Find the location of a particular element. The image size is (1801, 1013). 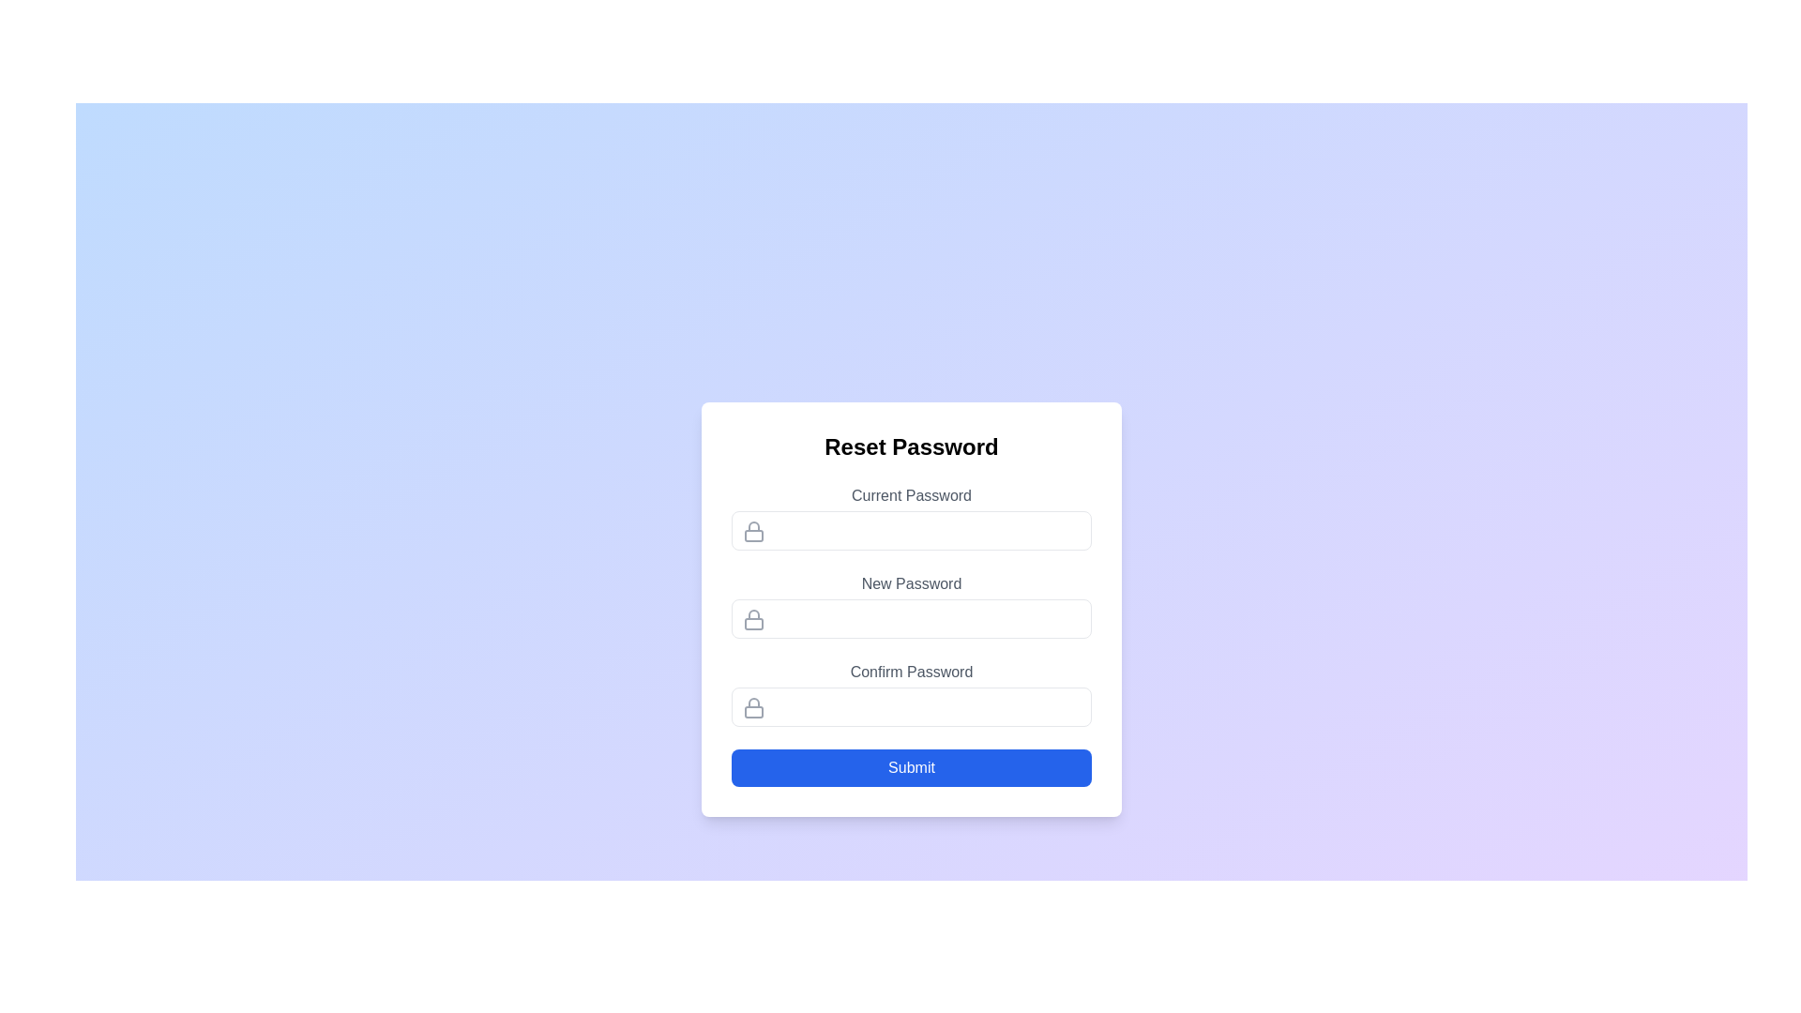

the 'Reset Password' static text heading, which is a bold, centered title at the top of the Reset Password form is located at coordinates (911, 447).